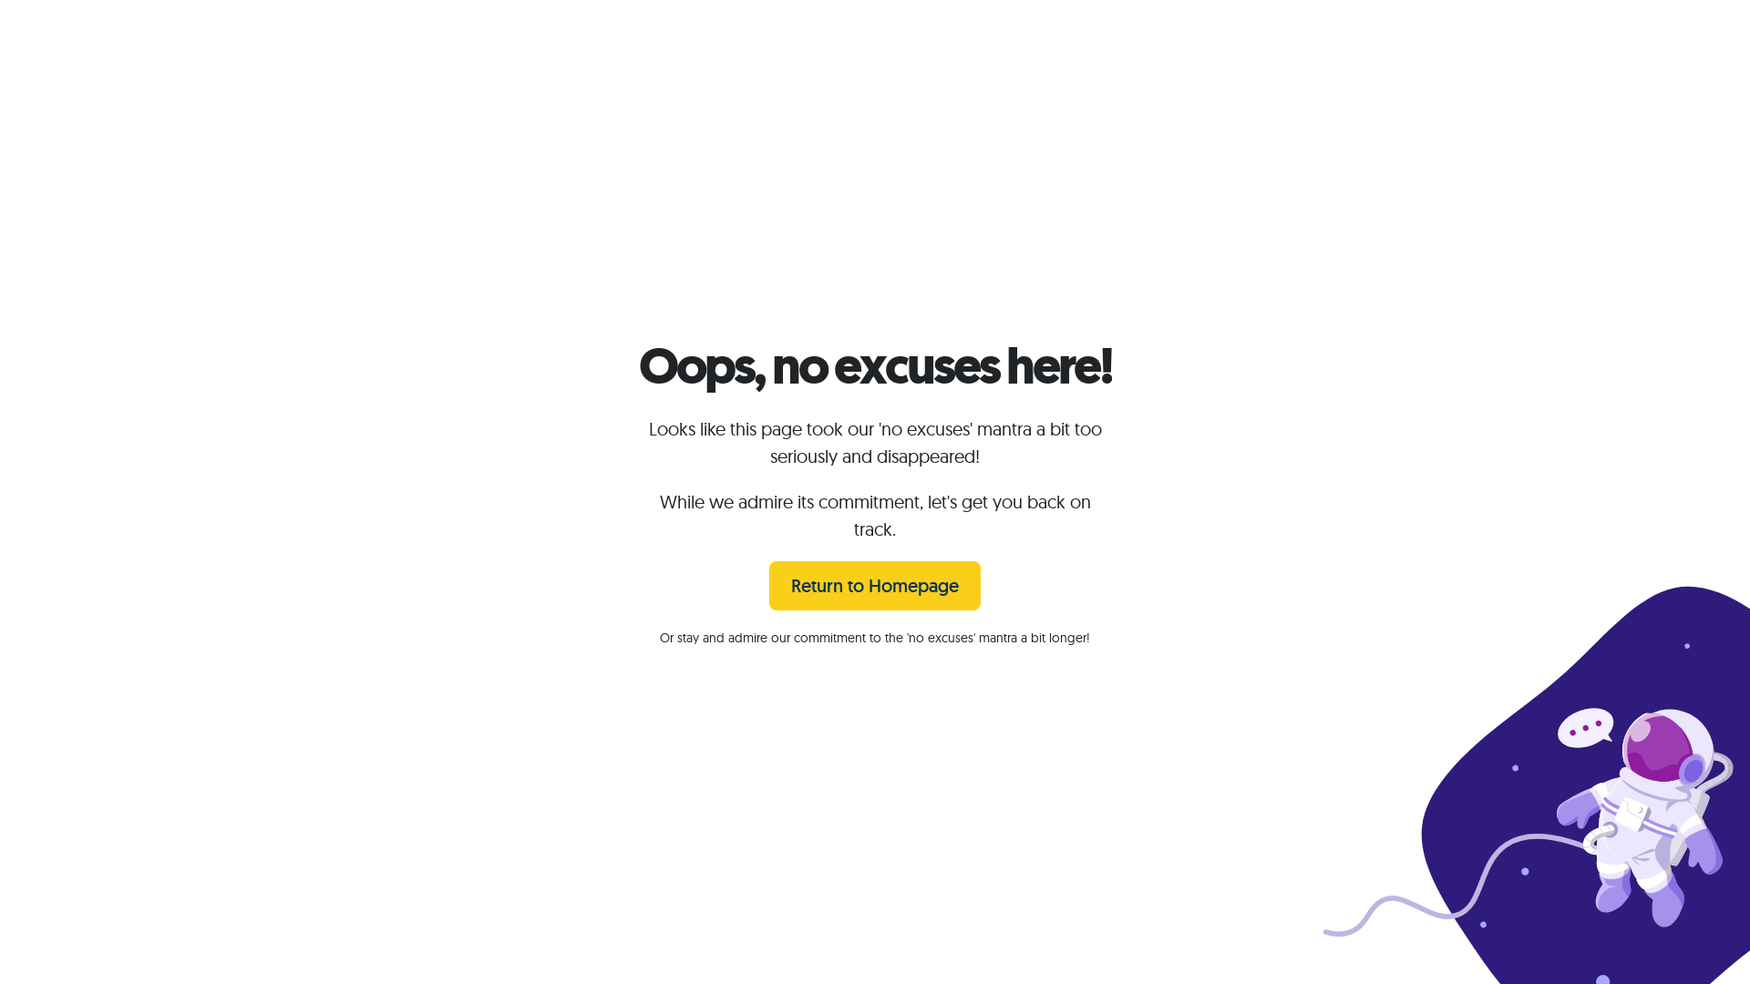 The image size is (1750, 984). What do you see at coordinates (875, 586) in the screenshot?
I see `'Return to Homepage'` at bounding box center [875, 586].